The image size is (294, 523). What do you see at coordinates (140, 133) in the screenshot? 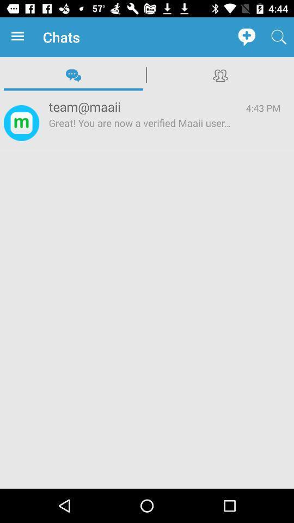
I see `the great you are item` at bounding box center [140, 133].